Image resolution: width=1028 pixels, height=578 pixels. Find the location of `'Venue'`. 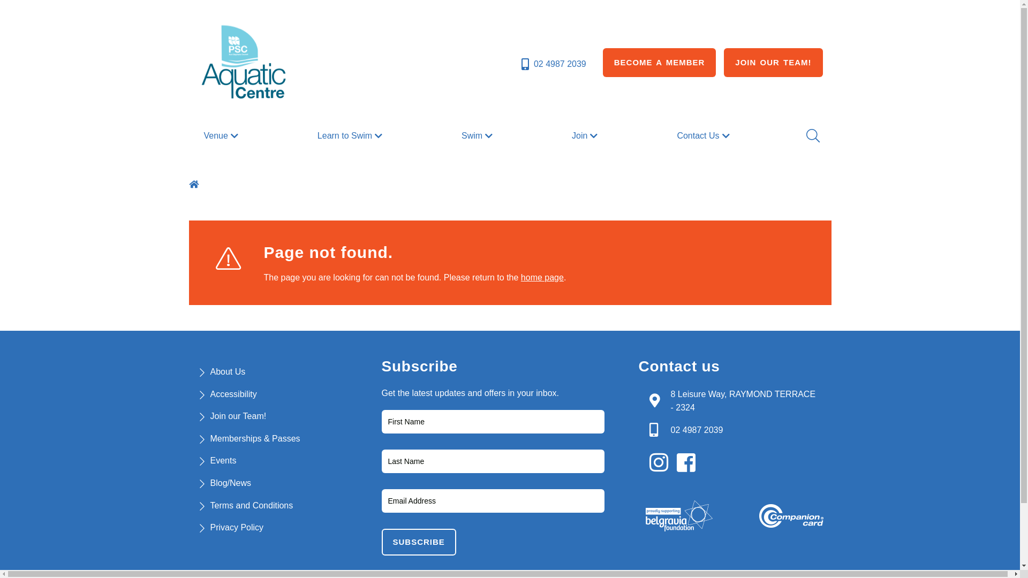

'Venue' is located at coordinates (221, 135).